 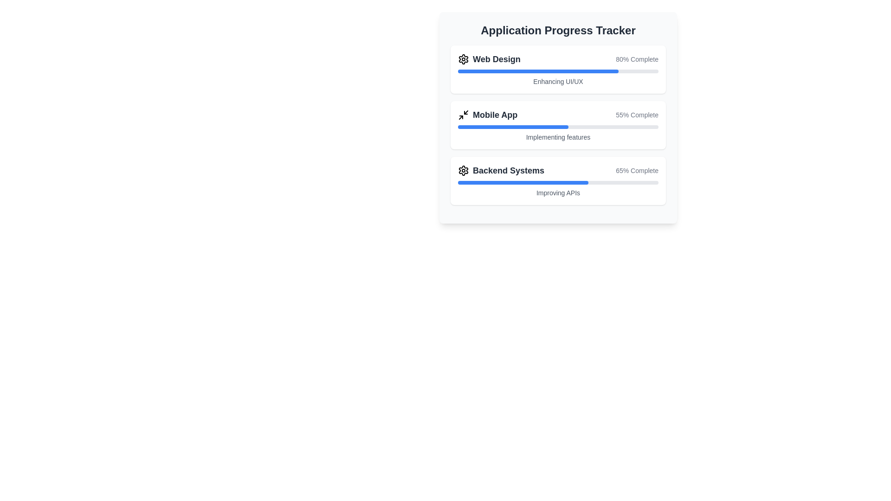 I want to click on the progress information of the central subsection labeled 'Mobile App' in the Progress Tracker, which visually indicates the status of various projects, so click(x=558, y=117).